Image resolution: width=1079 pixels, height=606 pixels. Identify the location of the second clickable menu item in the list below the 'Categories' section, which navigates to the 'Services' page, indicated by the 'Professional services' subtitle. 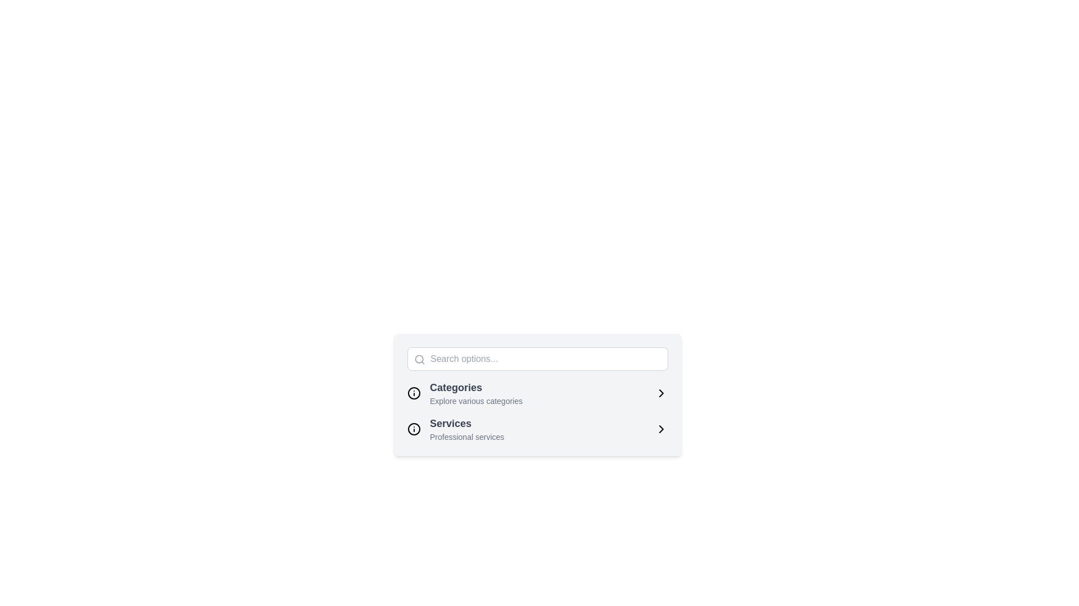
(537, 429).